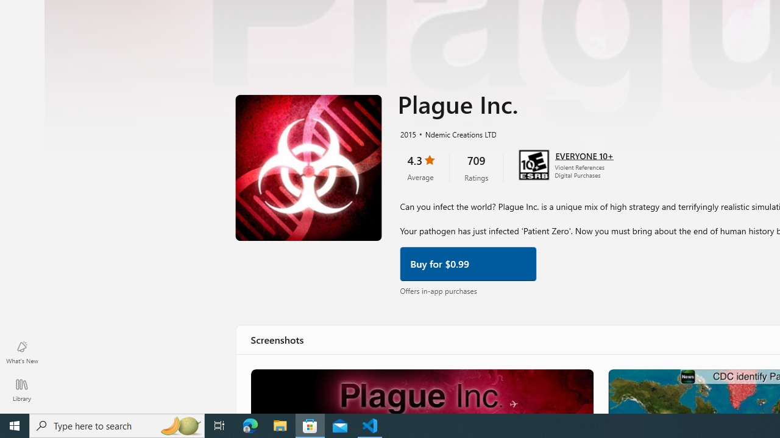 The height and width of the screenshot is (438, 780). Describe the element at coordinates (407, 133) in the screenshot. I see `'2015'` at that location.